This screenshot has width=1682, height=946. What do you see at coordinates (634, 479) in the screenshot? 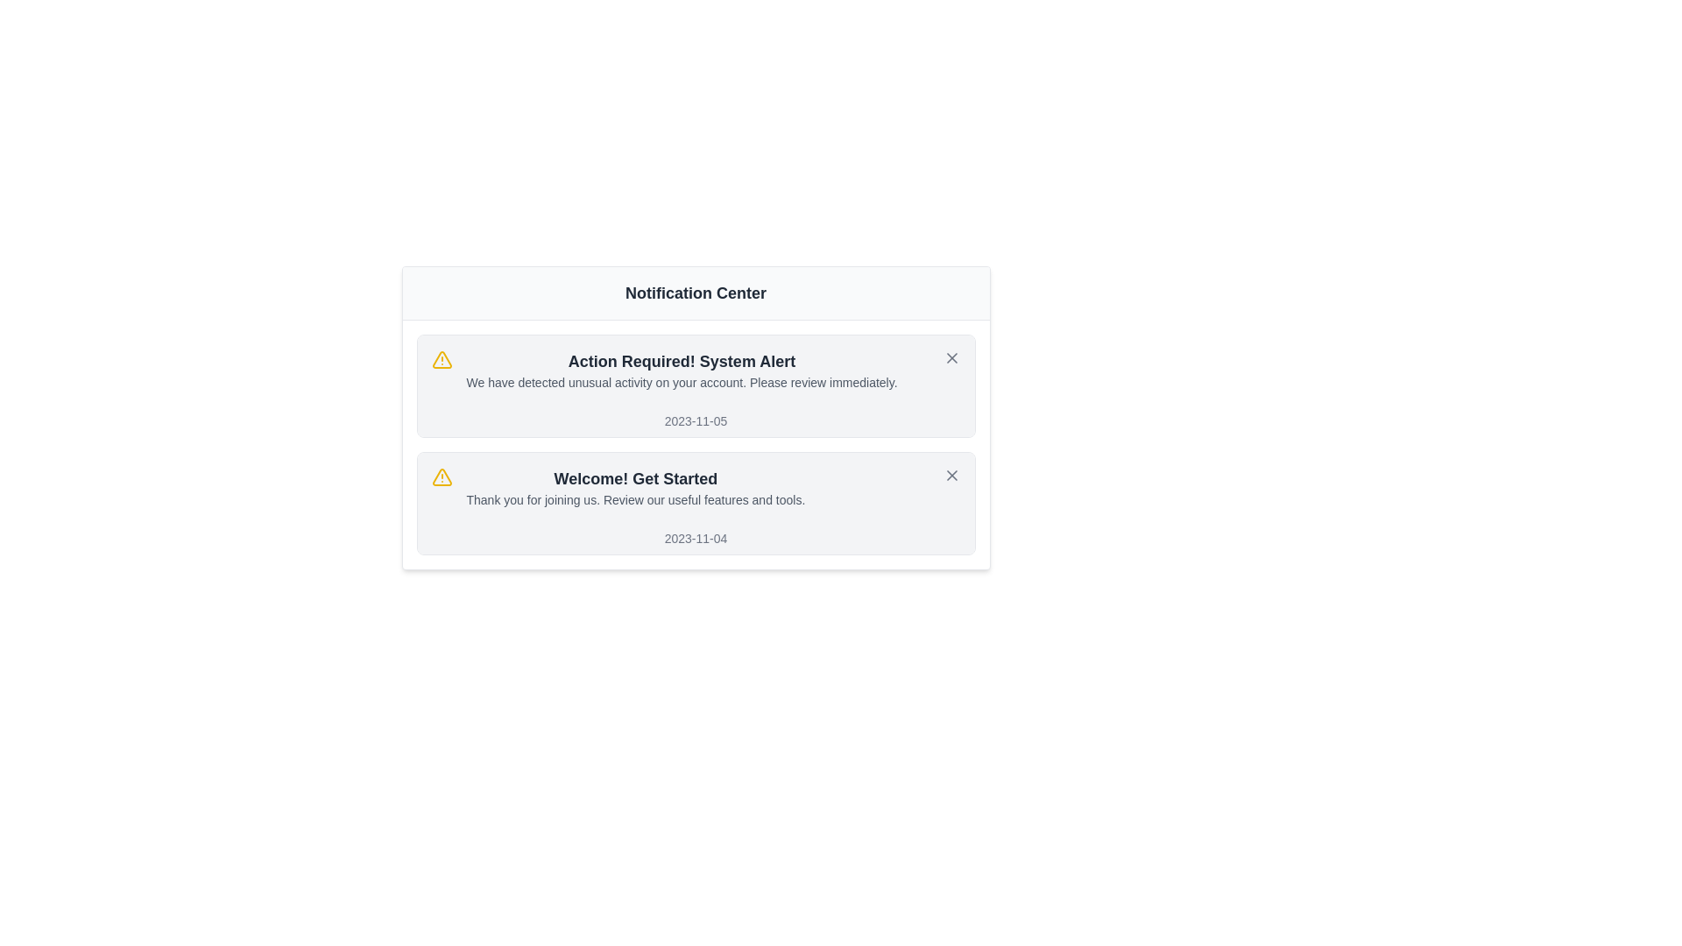
I see `bold, large-font text that says 'Welcome! Get Started' located in the second notification item of the notification list, below the 'Action Required! System Alert' notification` at bounding box center [634, 479].